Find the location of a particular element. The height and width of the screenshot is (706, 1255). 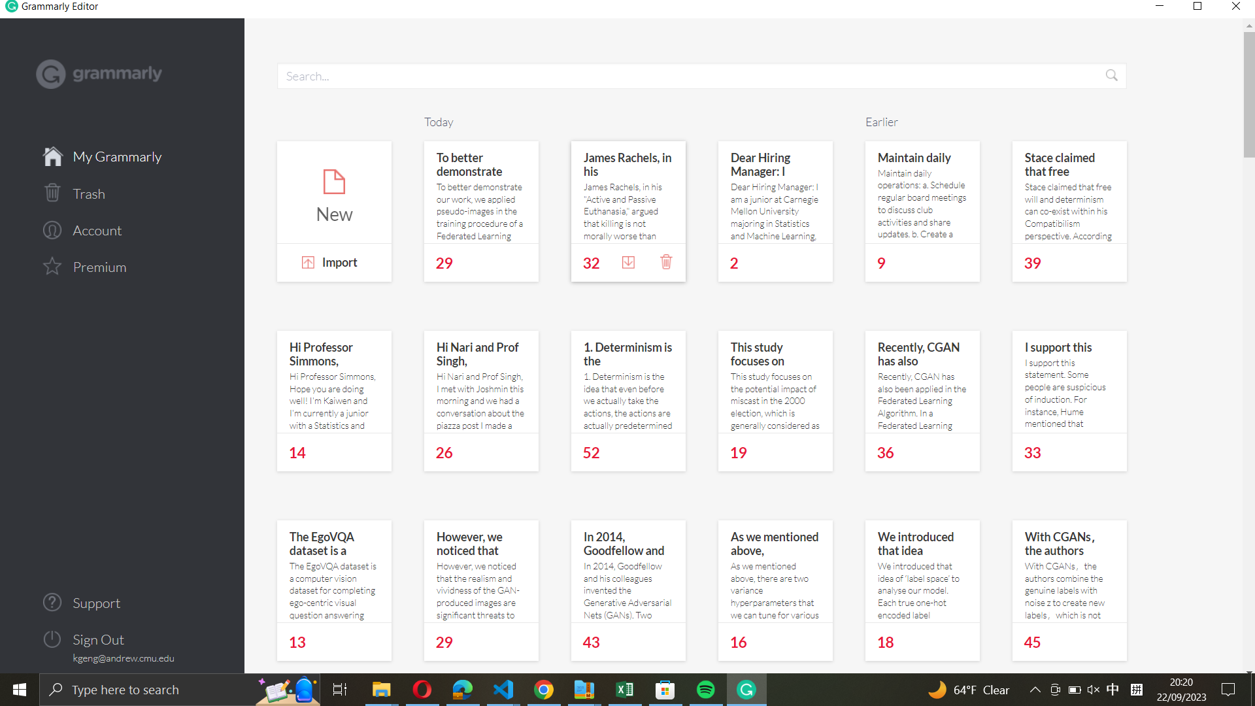

the trash or recycle bin is located at coordinates (122, 192).